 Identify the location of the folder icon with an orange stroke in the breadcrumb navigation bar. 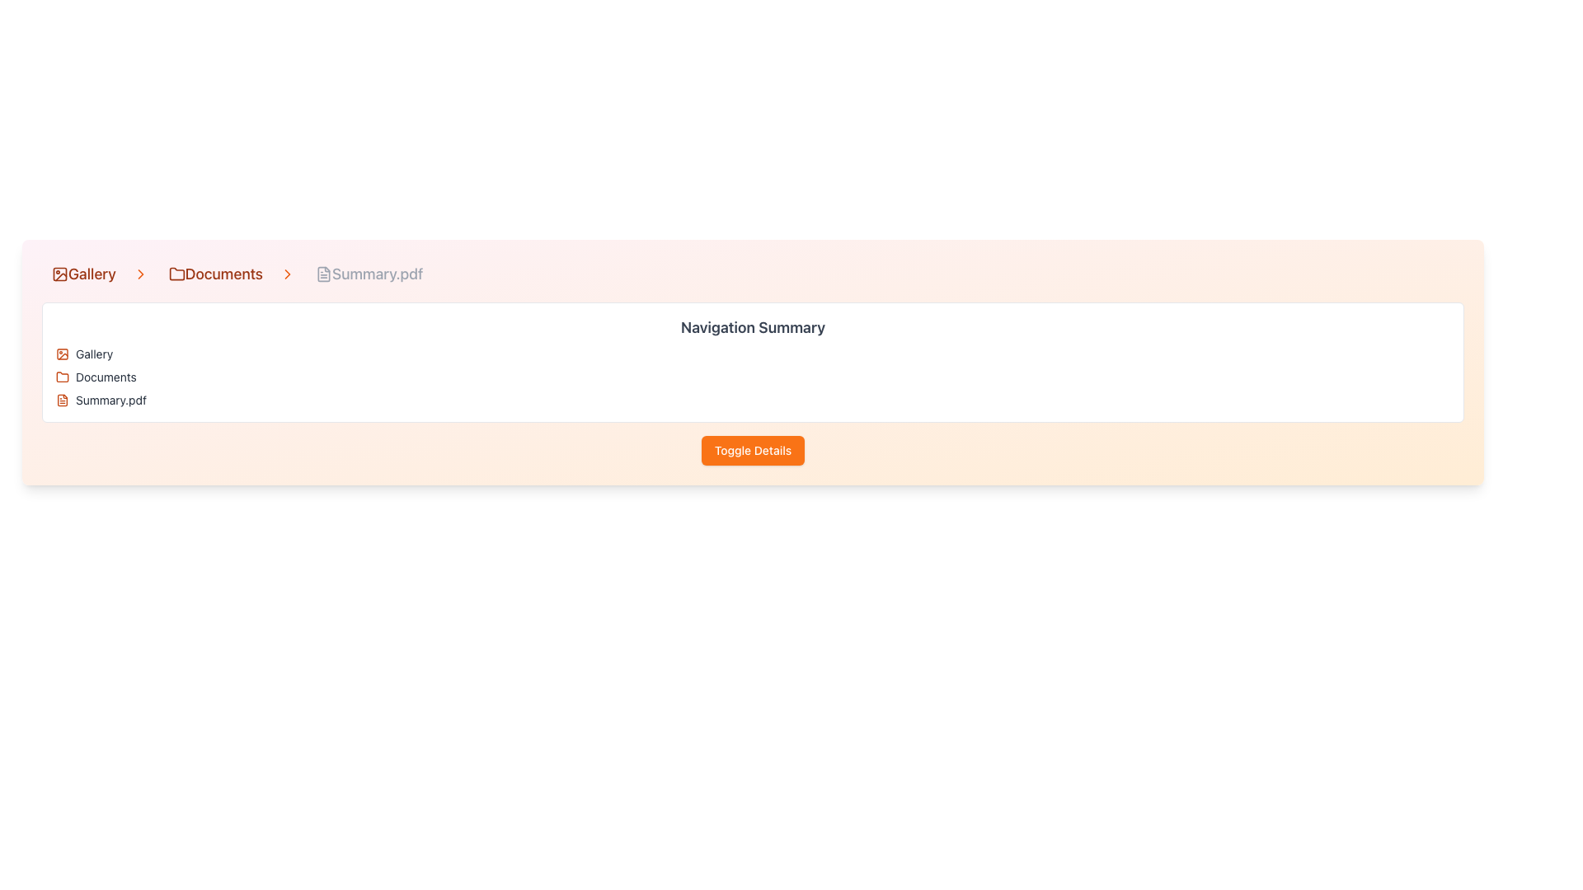
(63, 376).